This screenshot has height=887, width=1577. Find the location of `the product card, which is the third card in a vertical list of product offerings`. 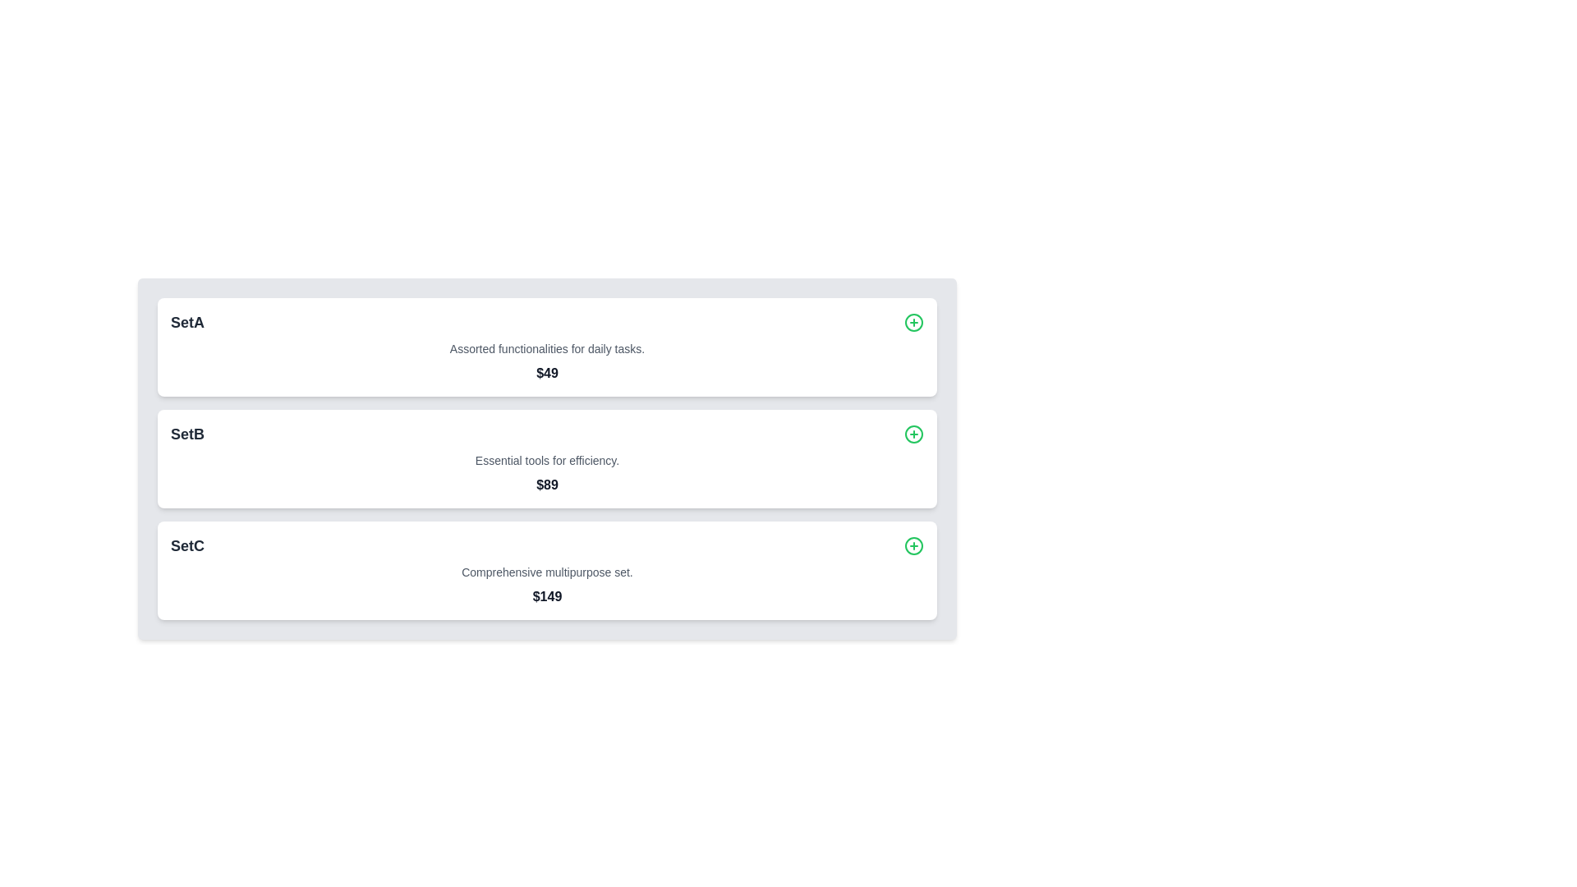

the product card, which is the third card in a vertical list of product offerings is located at coordinates (547, 569).